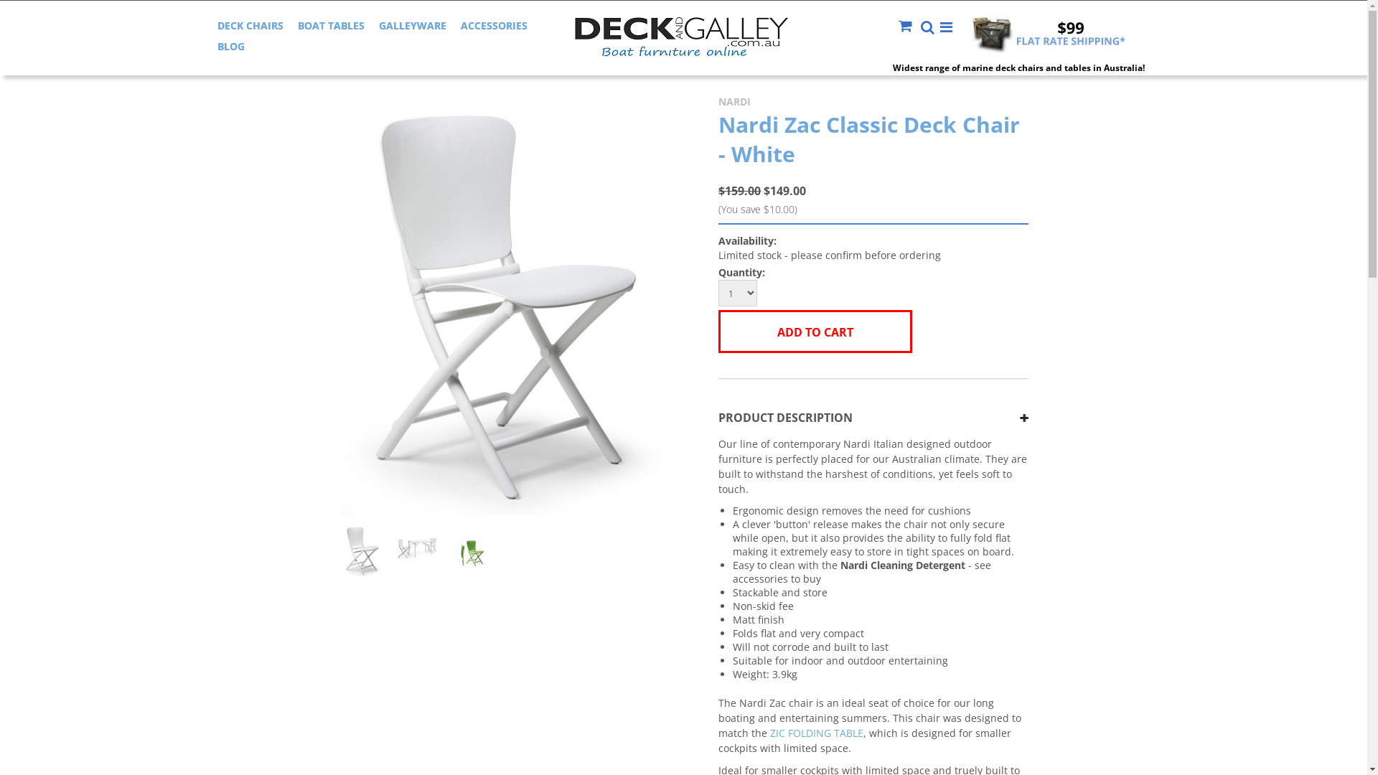 This screenshot has width=1378, height=775. Describe the element at coordinates (494, 25) in the screenshot. I see `'ACCESSORIES'` at that location.